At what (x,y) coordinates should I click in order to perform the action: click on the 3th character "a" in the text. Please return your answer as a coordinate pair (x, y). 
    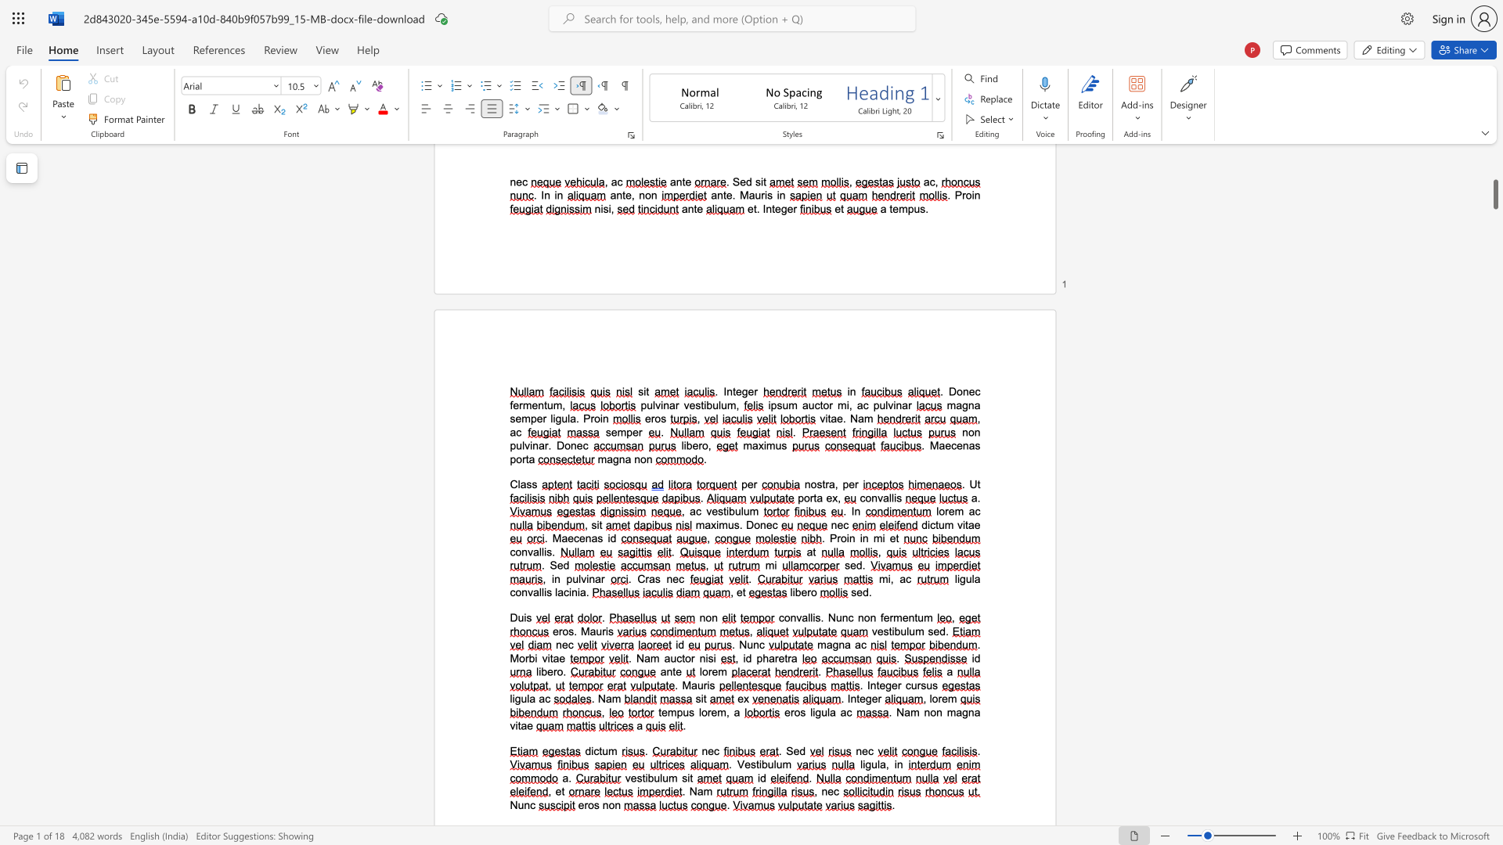
    Looking at the image, I should click on (532, 458).